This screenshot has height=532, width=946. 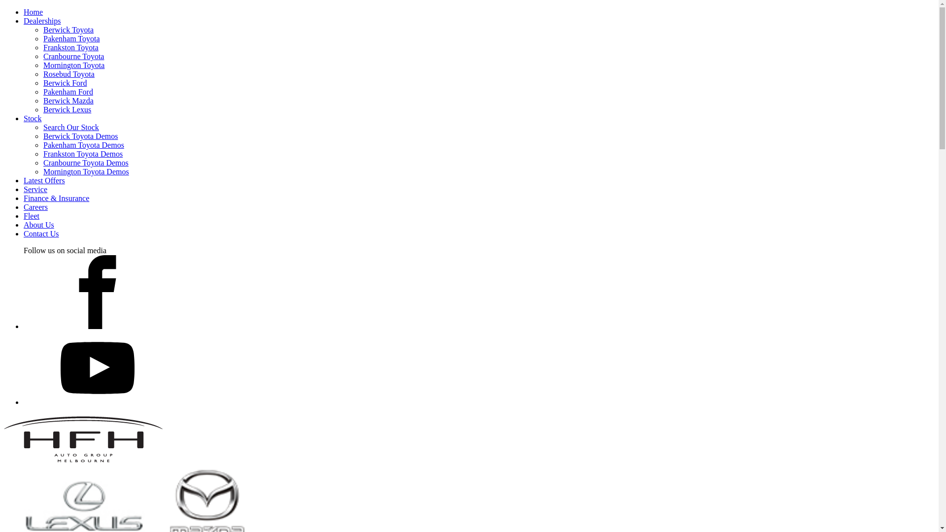 What do you see at coordinates (24, 233) in the screenshot?
I see `'Contact Us'` at bounding box center [24, 233].